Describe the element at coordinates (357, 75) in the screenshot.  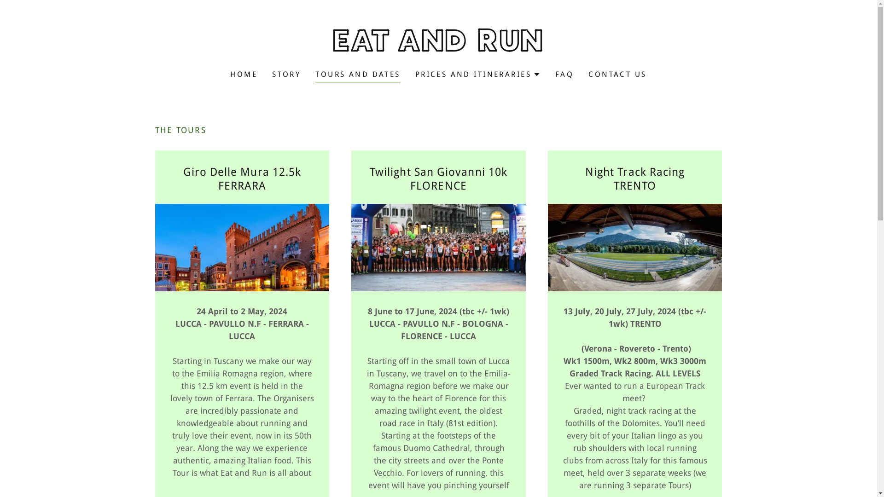
I see `'TOURS AND DATES'` at that location.